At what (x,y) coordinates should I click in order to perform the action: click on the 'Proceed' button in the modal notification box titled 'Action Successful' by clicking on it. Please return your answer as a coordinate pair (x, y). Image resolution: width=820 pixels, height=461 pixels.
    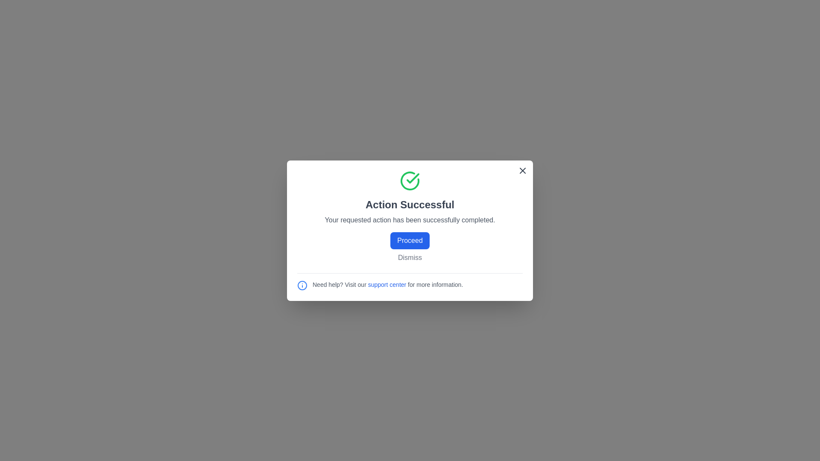
    Looking at the image, I should click on (410, 230).